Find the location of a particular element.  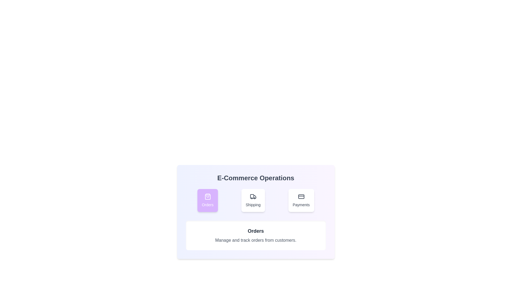

the static text label that states 'Shipping', which is located below the truck icon in the E-Commerce Operations panel is located at coordinates (253, 205).